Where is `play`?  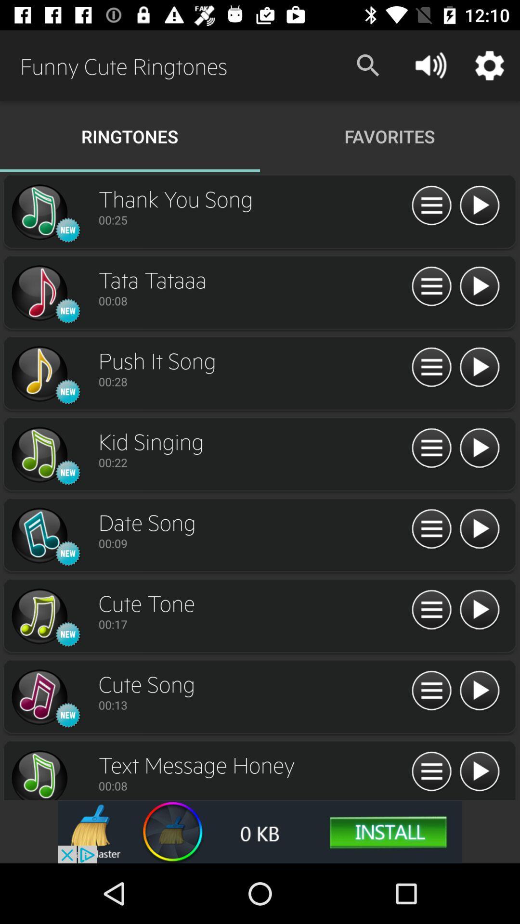
play is located at coordinates (479, 448).